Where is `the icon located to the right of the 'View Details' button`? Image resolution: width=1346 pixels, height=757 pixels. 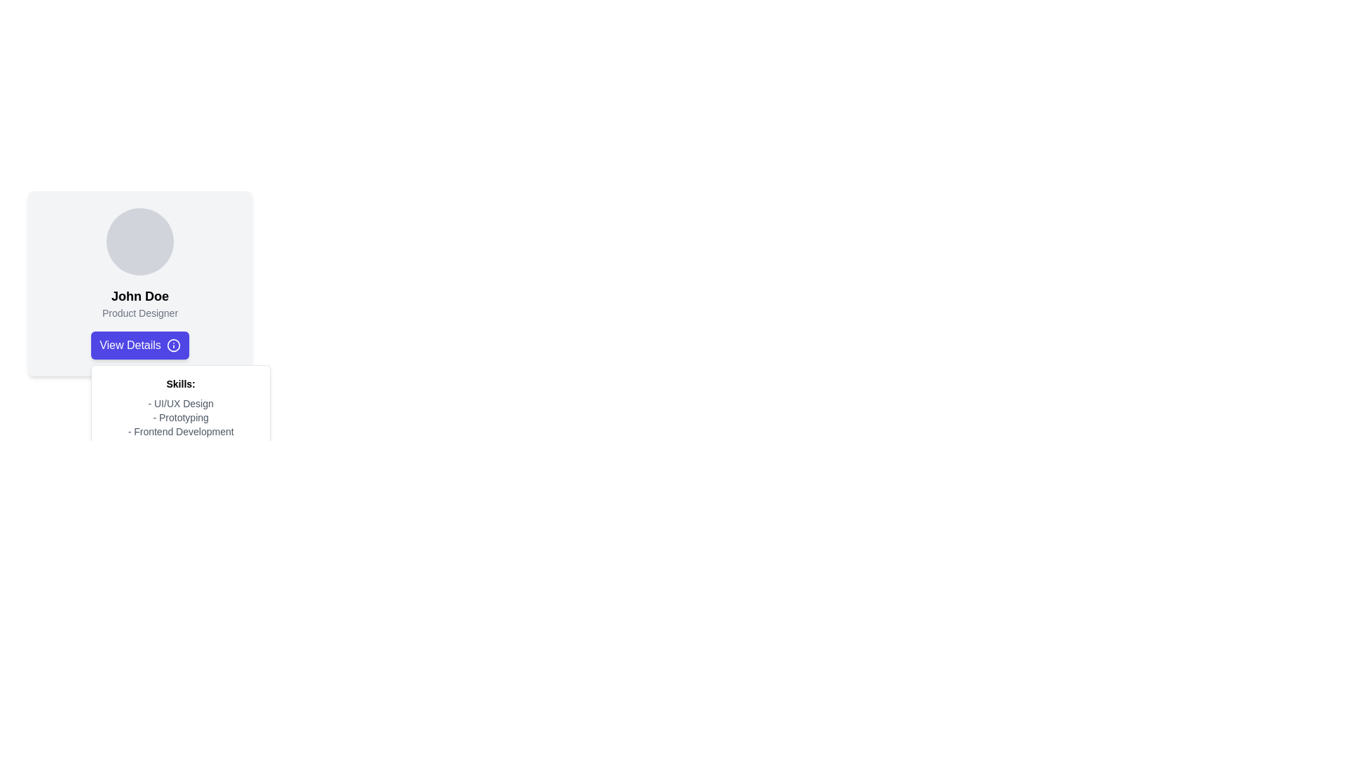 the icon located to the right of the 'View Details' button is located at coordinates (172, 346).